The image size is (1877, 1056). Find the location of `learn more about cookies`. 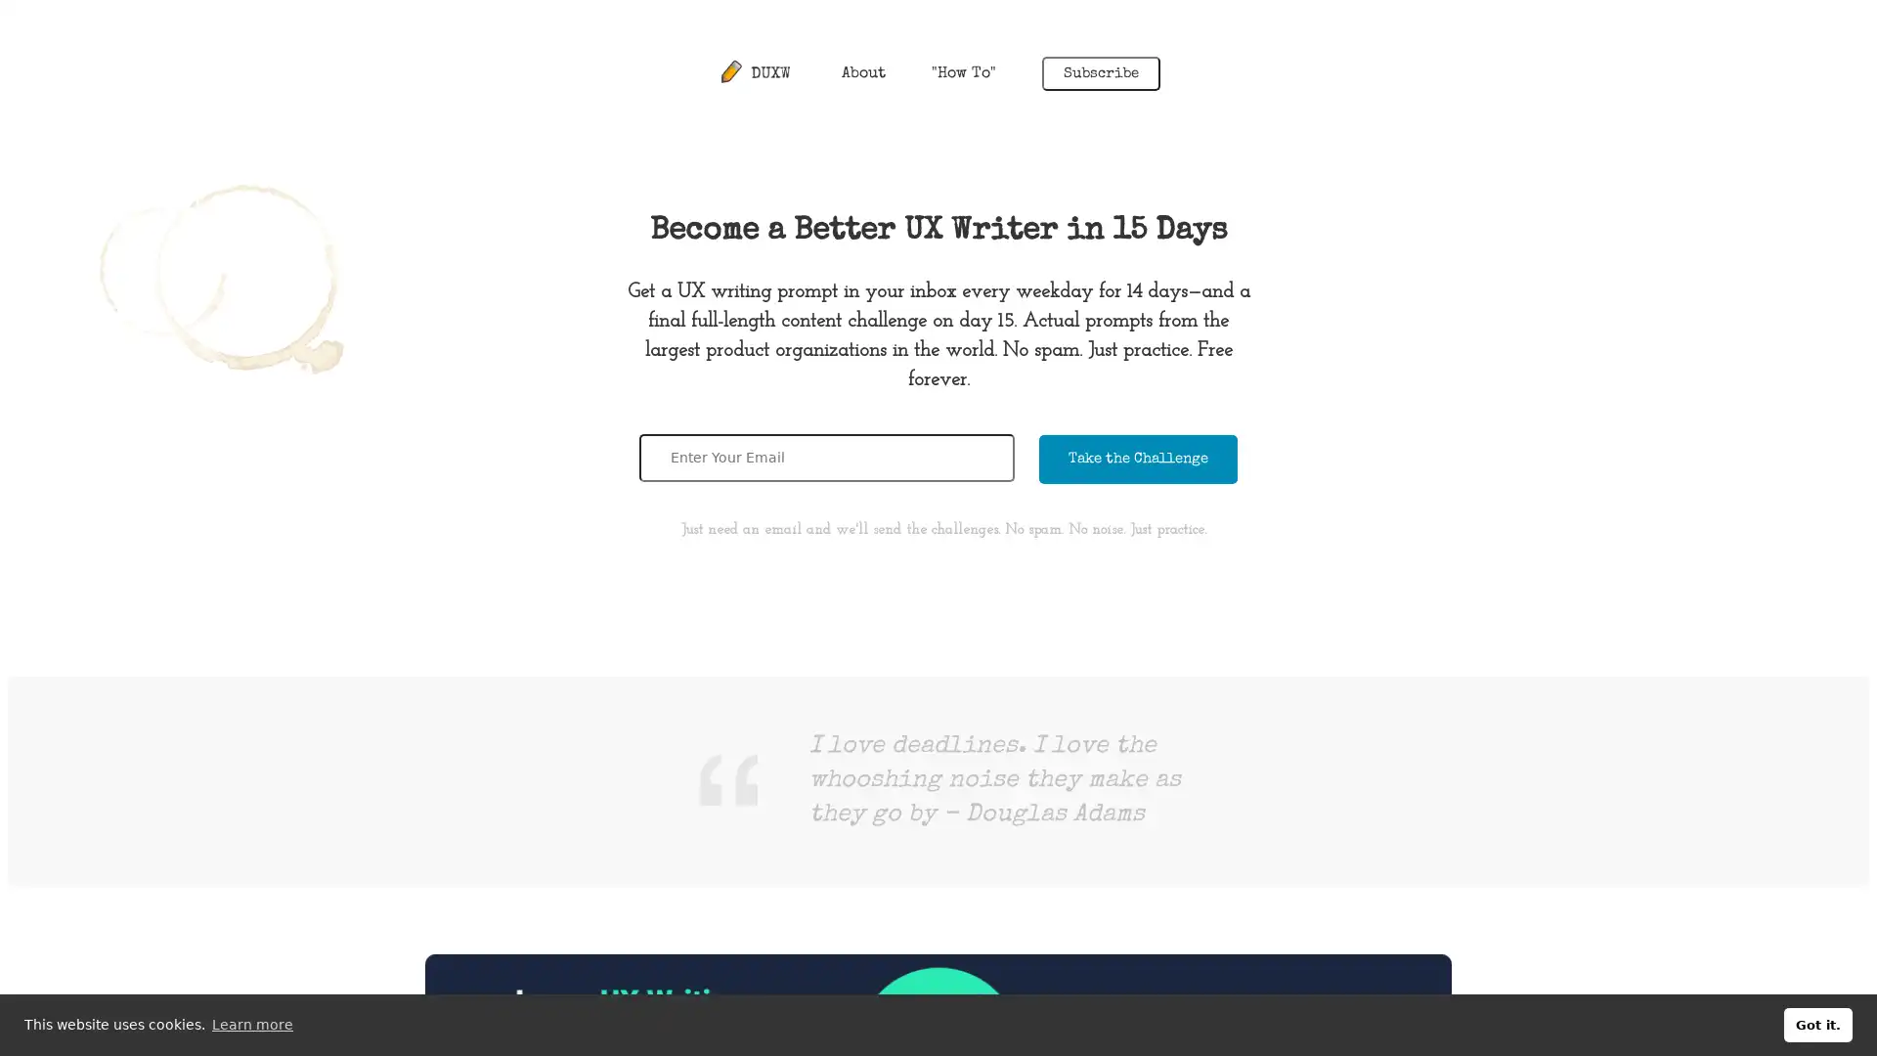

learn more about cookies is located at coordinates (251, 1024).